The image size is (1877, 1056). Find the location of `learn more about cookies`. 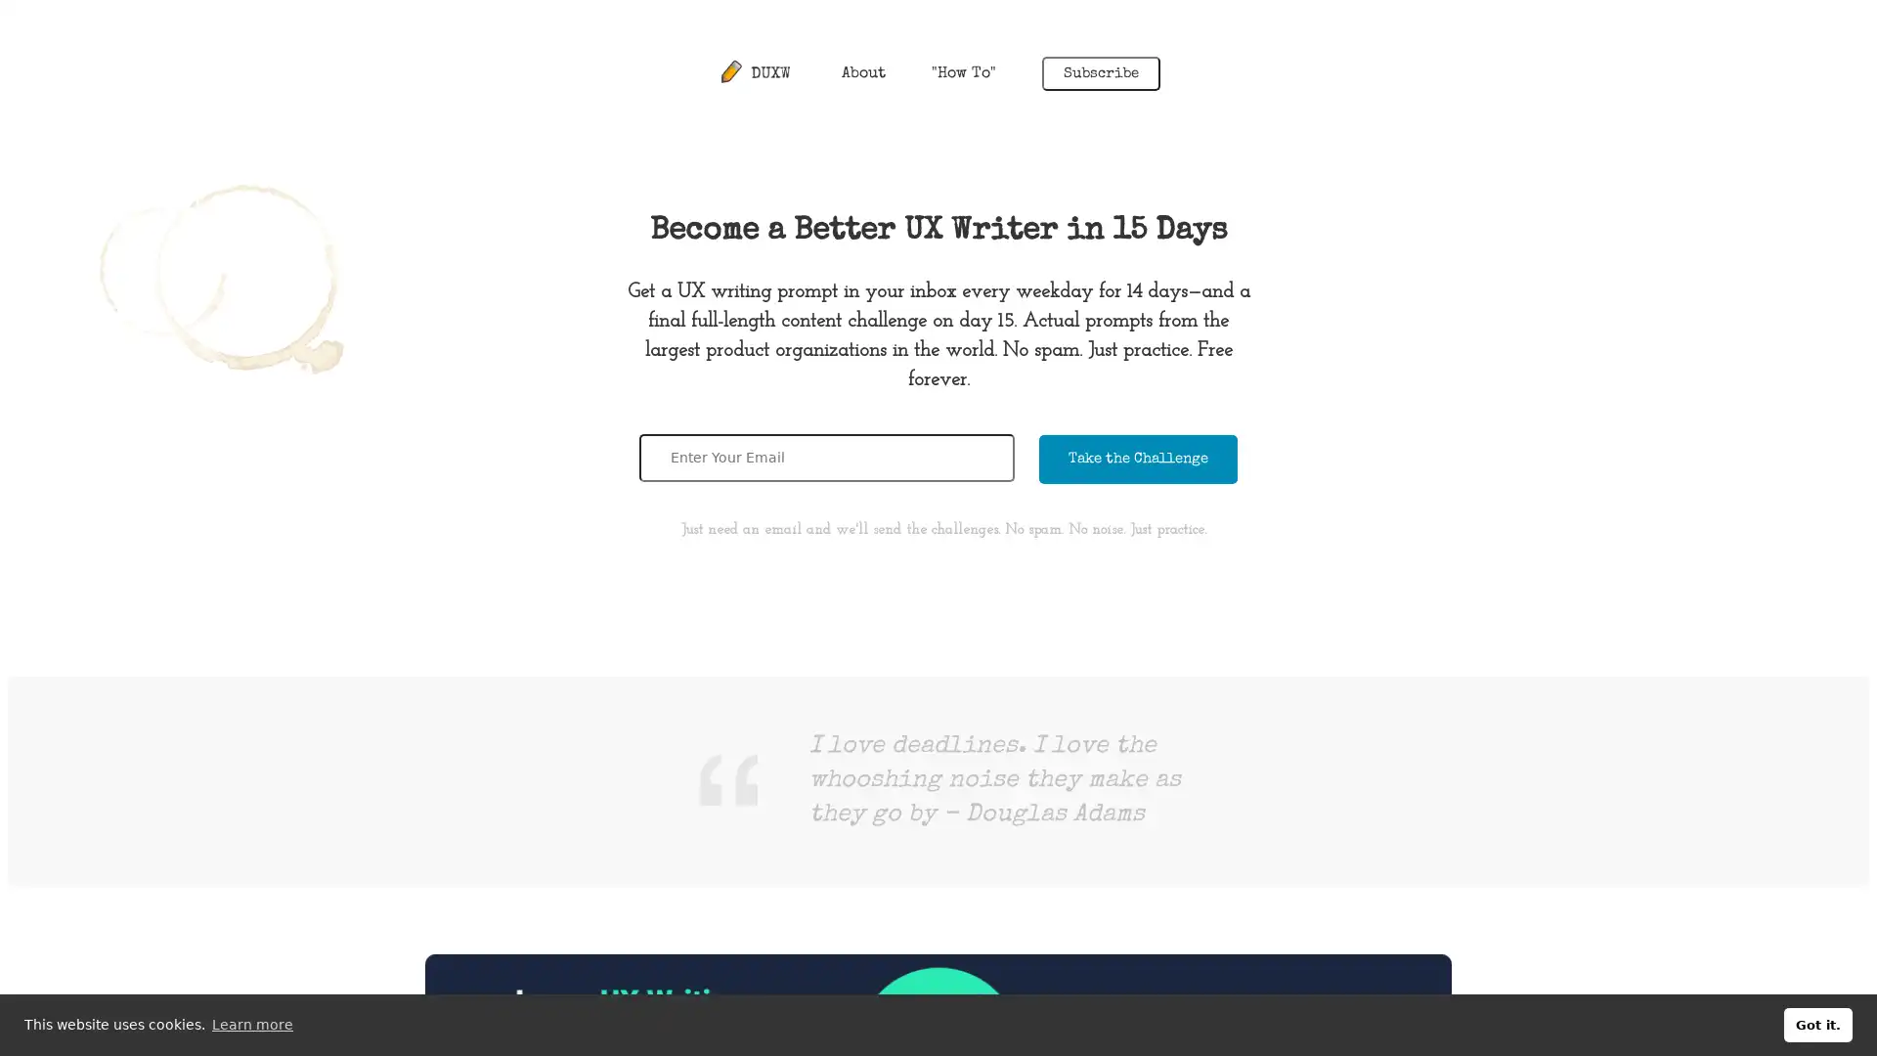

learn more about cookies is located at coordinates (251, 1024).